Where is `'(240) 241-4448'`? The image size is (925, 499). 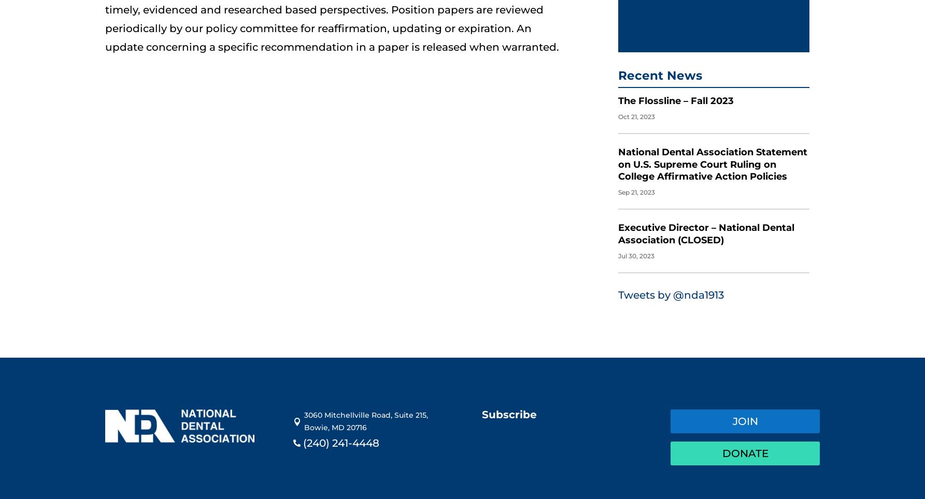
'(240) 241-4448' is located at coordinates (340, 432).